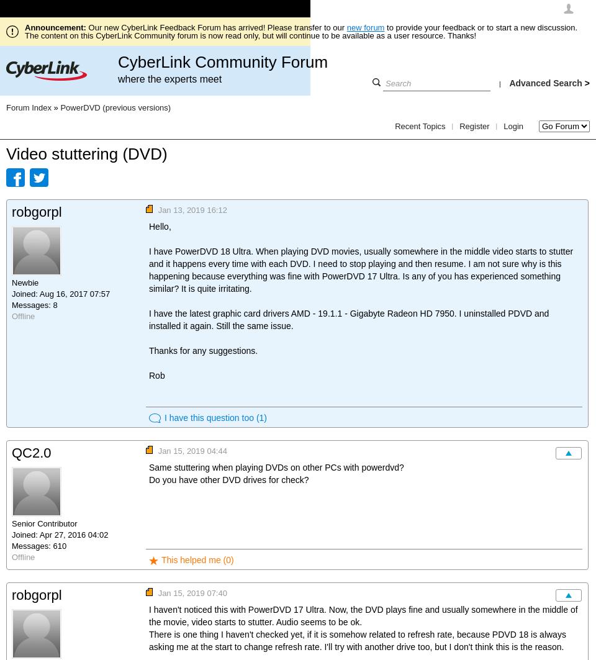 The width and height of the screenshot is (596, 660). What do you see at coordinates (156, 374) in the screenshot?
I see `'Rob'` at bounding box center [156, 374].